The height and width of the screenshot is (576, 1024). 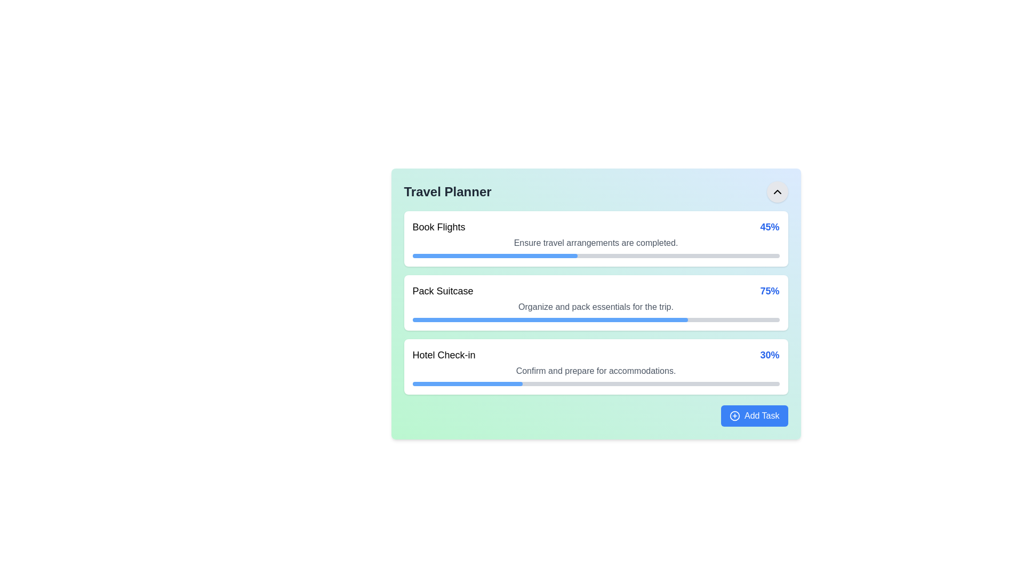 I want to click on the horizontal progress bar indicating 30% completion, located at the bottom of the 'Hotel Check-in' card, below the description text 'Confirm and prepare for accommodations.', so click(x=595, y=384).